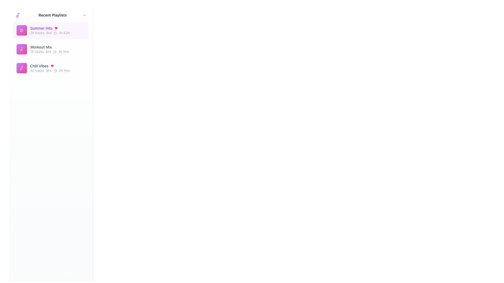  Describe the element at coordinates (21, 30) in the screenshot. I see `the Icon button located to the left of 'Summer Hits' in the 'Recent Playlists' section` at that location.